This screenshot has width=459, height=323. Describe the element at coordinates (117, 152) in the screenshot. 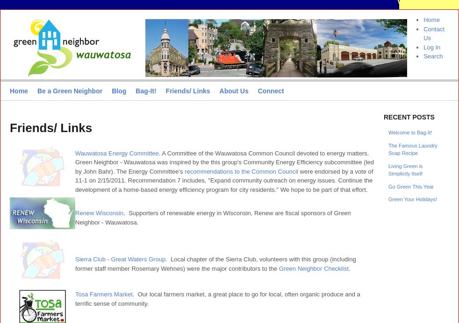

I see `'Wauwatosa Energy Committee'` at that location.